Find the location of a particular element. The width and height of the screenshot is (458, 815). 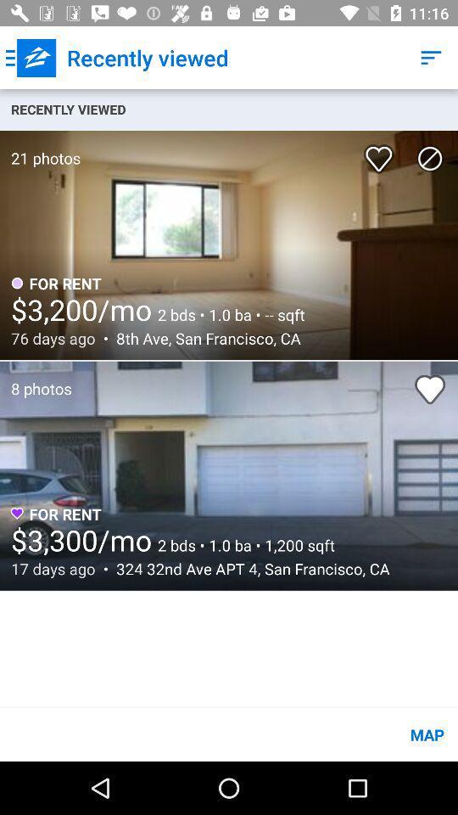

item next to 17 days ago item is located at coordinates (248, 569).